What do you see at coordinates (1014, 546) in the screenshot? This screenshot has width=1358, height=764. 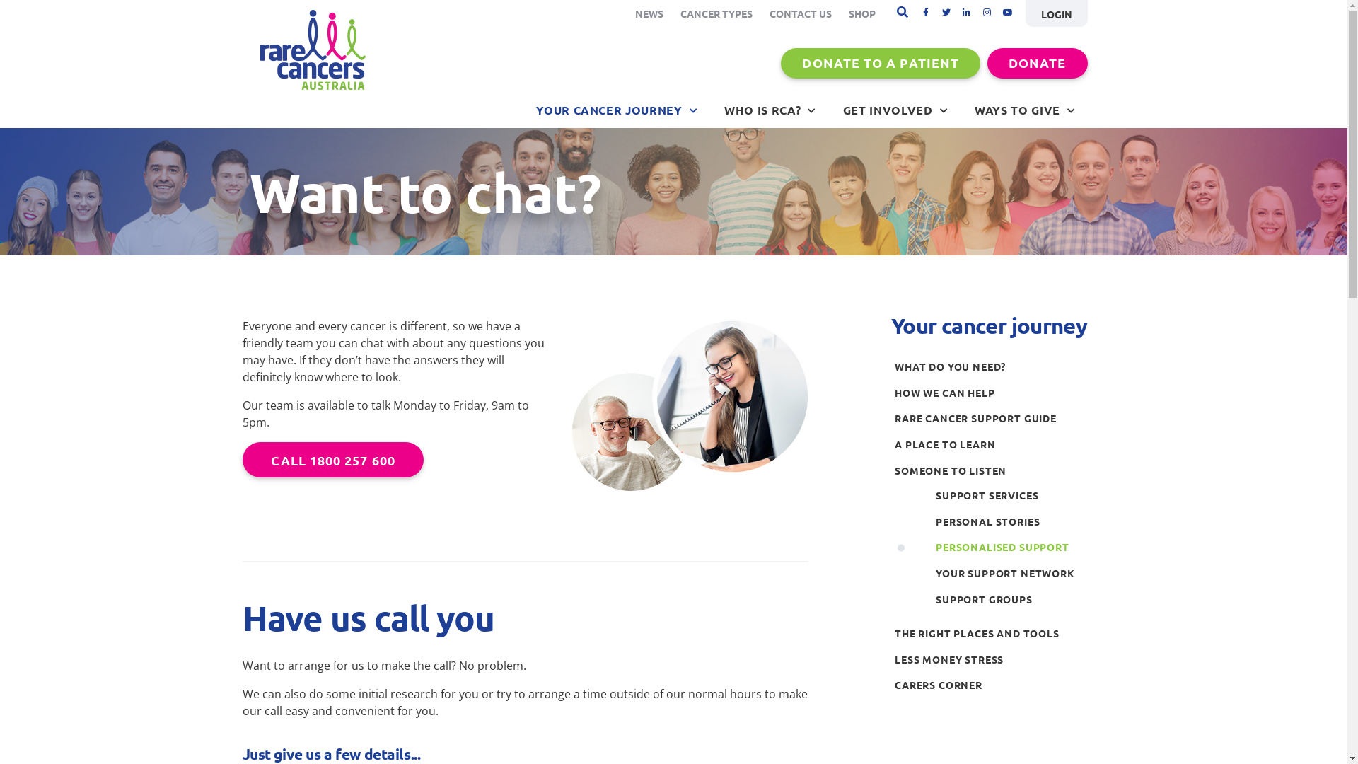 I see `'PERSONALISED SUPPORT'` at bounding box center [1014, 546].